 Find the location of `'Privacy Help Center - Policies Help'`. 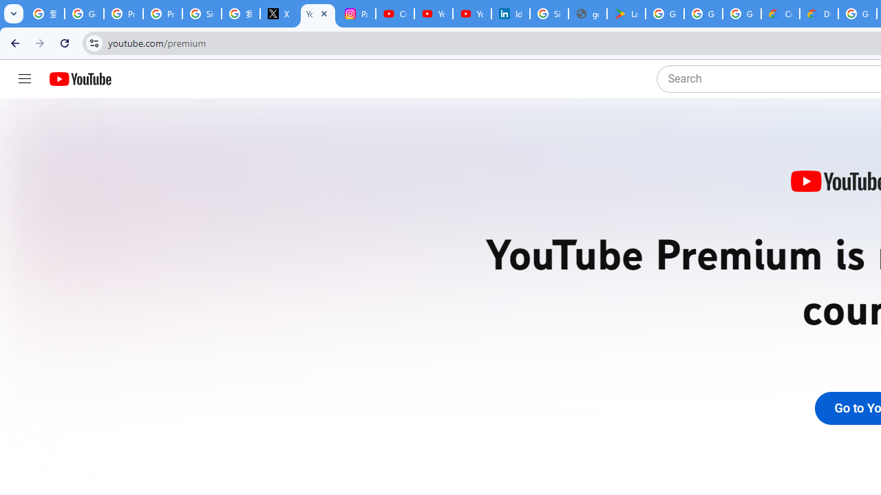

'Privacy Help Center - Policies Help' is located at coordinates (162, 14).